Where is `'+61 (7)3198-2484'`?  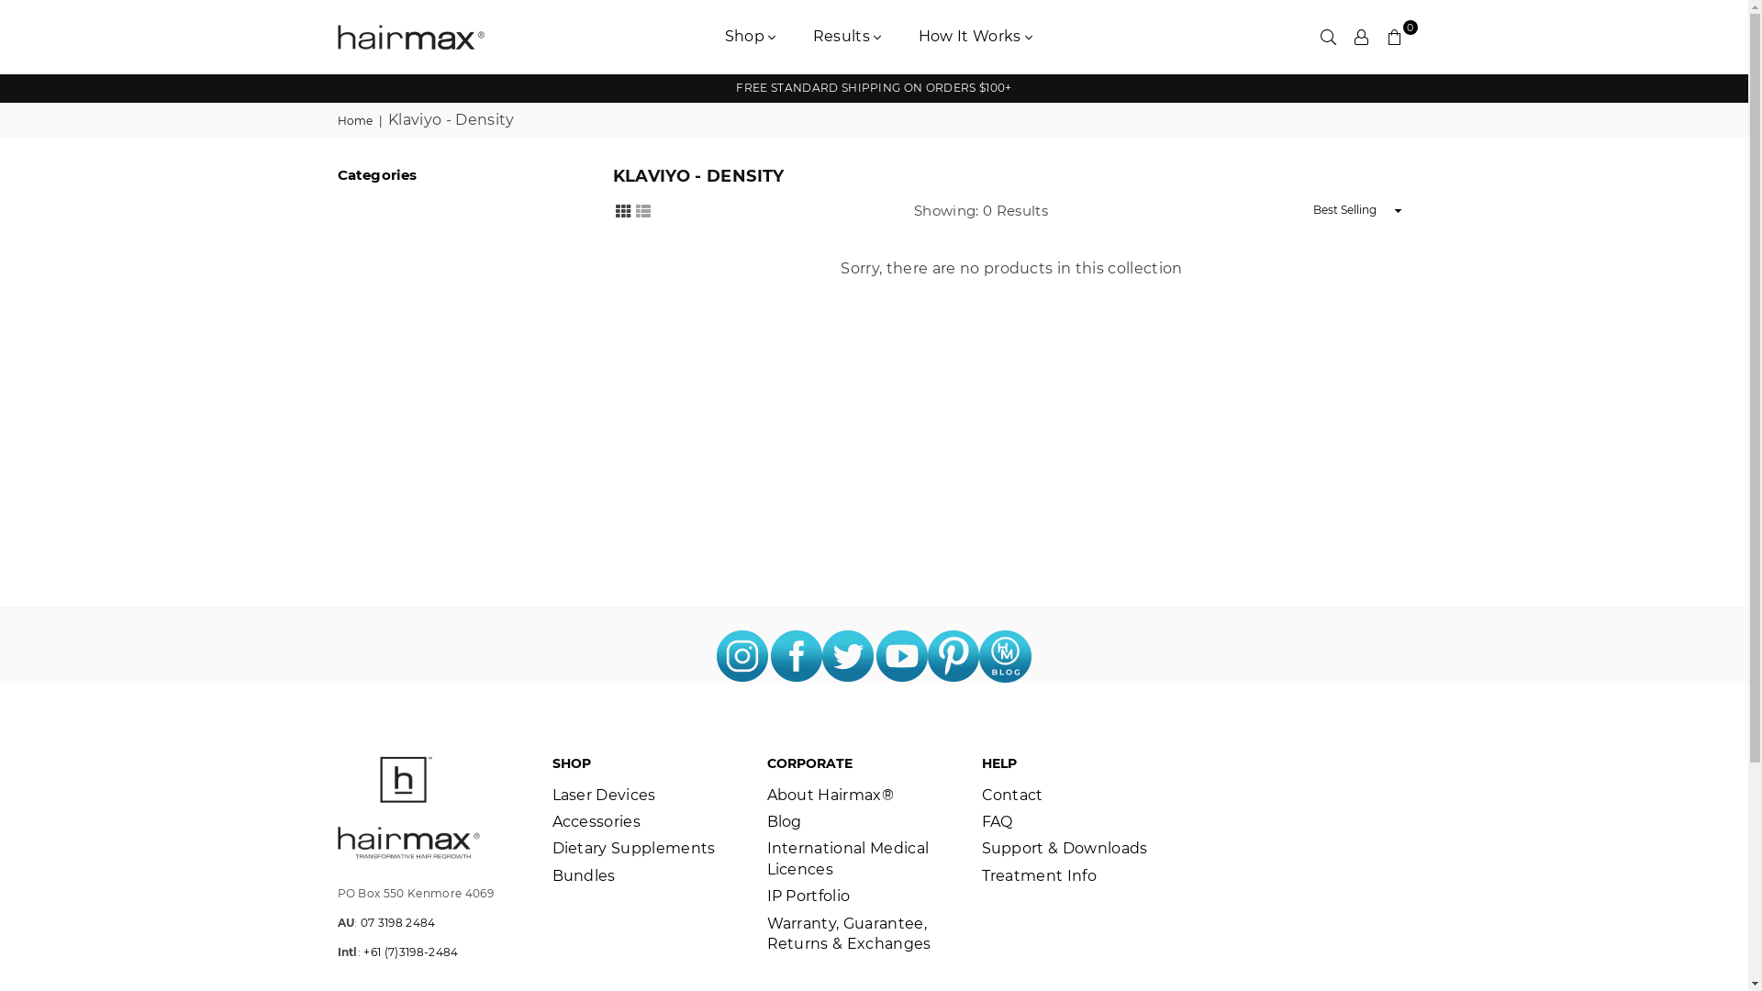 '+61 (7)3198-2484' is located at coordinates (409, 951).